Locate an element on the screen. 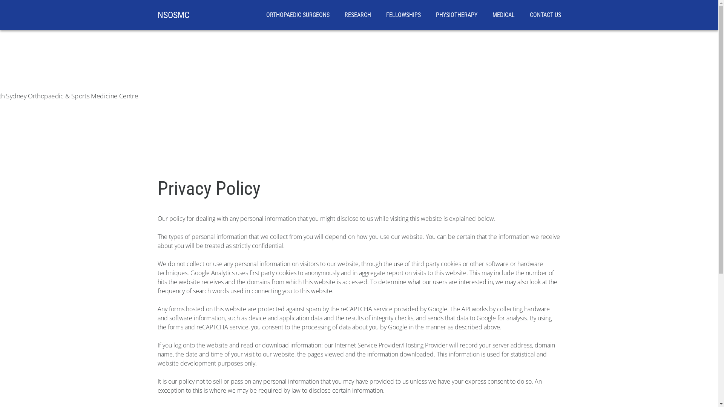  'CONTACT US' is located at coordinates (545, 15).